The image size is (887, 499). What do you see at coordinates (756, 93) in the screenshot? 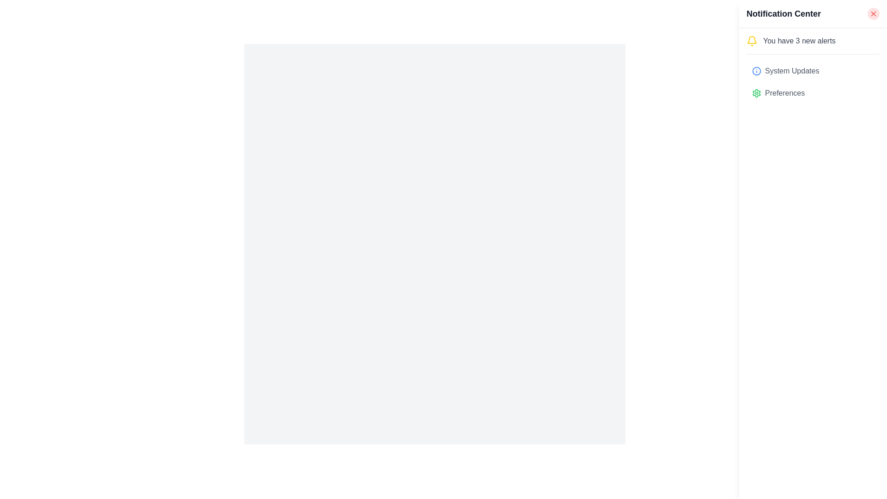
I see `the settings icon located on the far left within the 'Preferences' row in the 'Notification Center' panel` at bounding box center [756, 93].